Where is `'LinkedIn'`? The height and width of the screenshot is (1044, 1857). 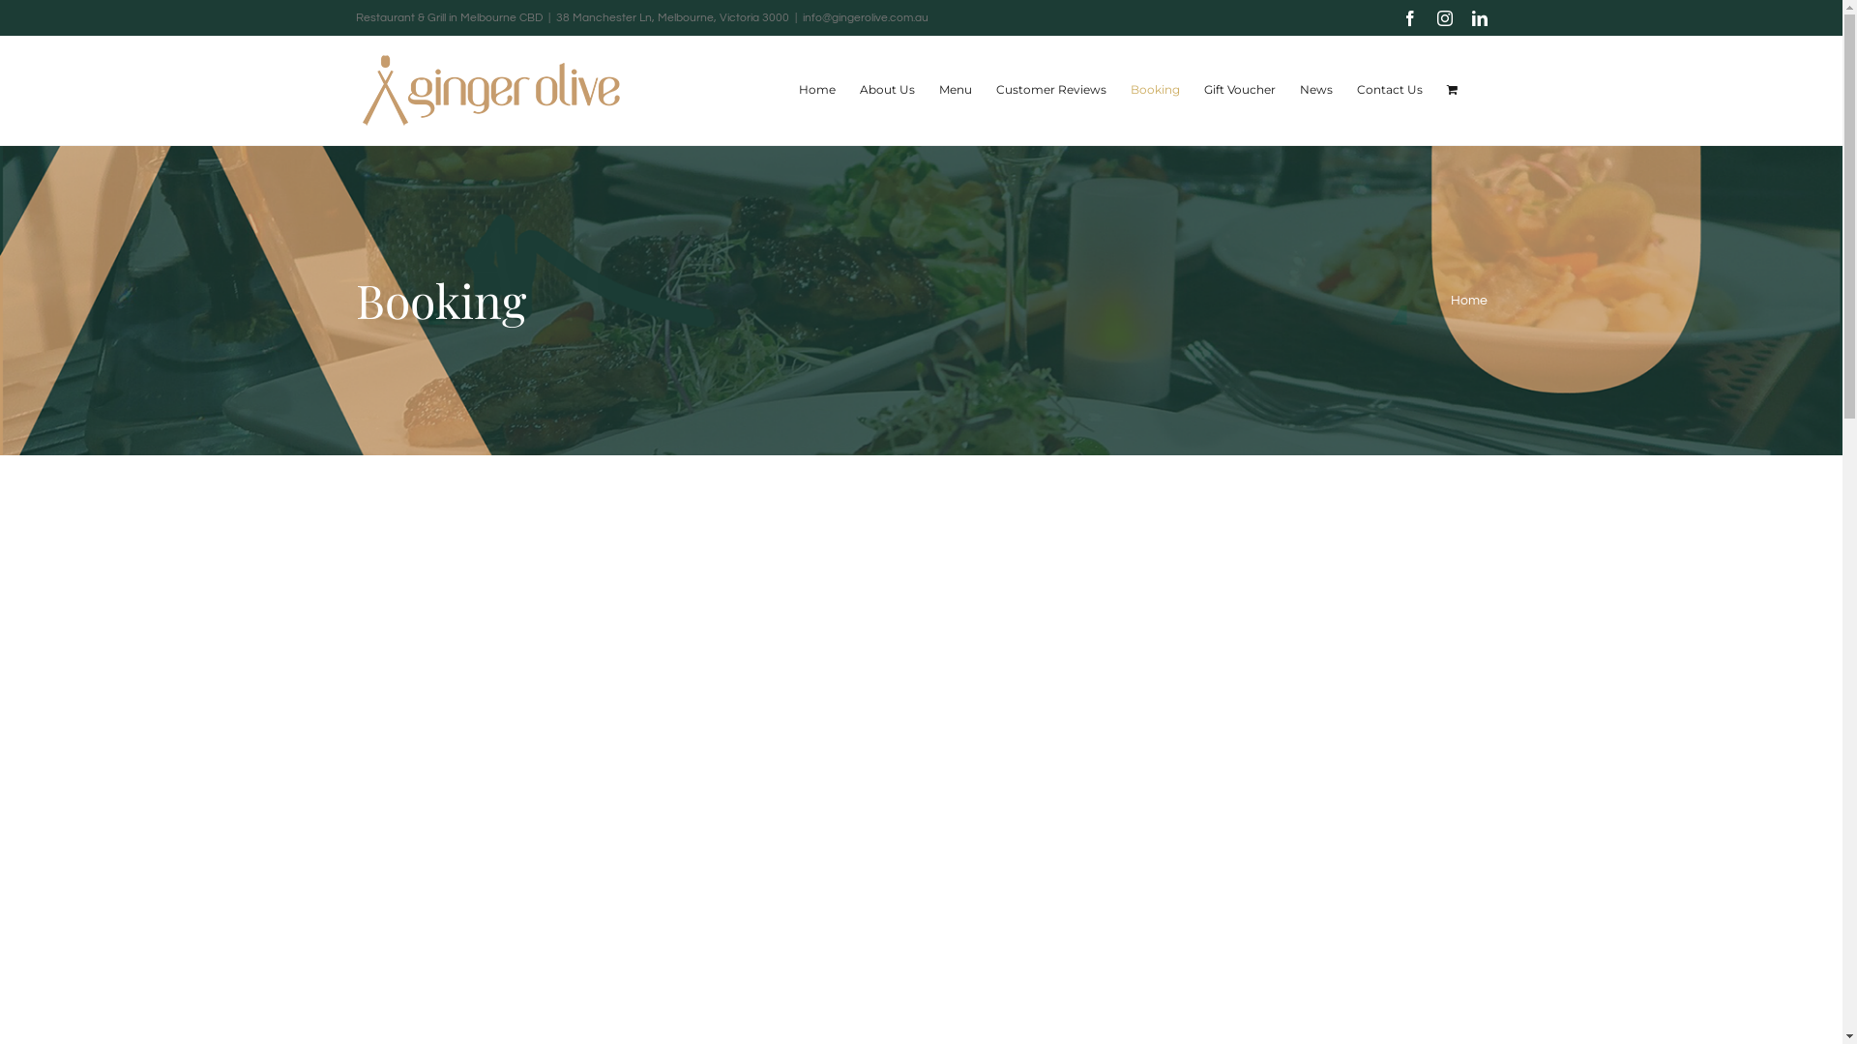
'LinkedIn' is located at coordinates (1479, 18).